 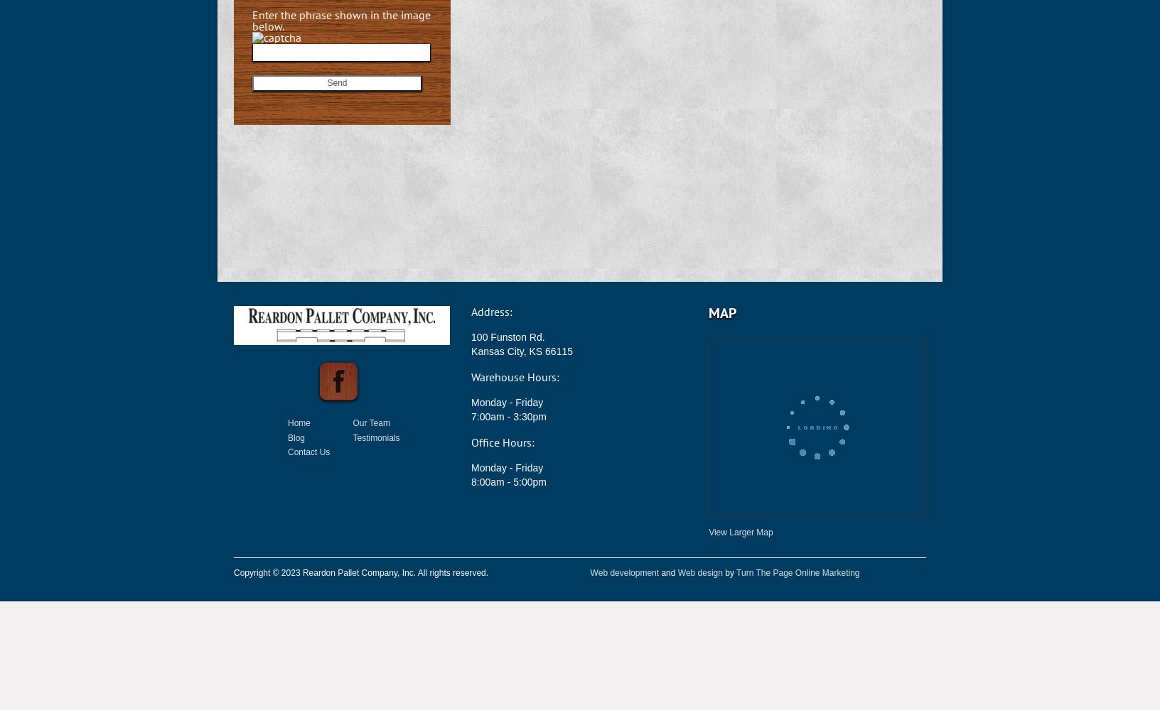 I want to click on 'Contact Us', so click(x=308, y=452).